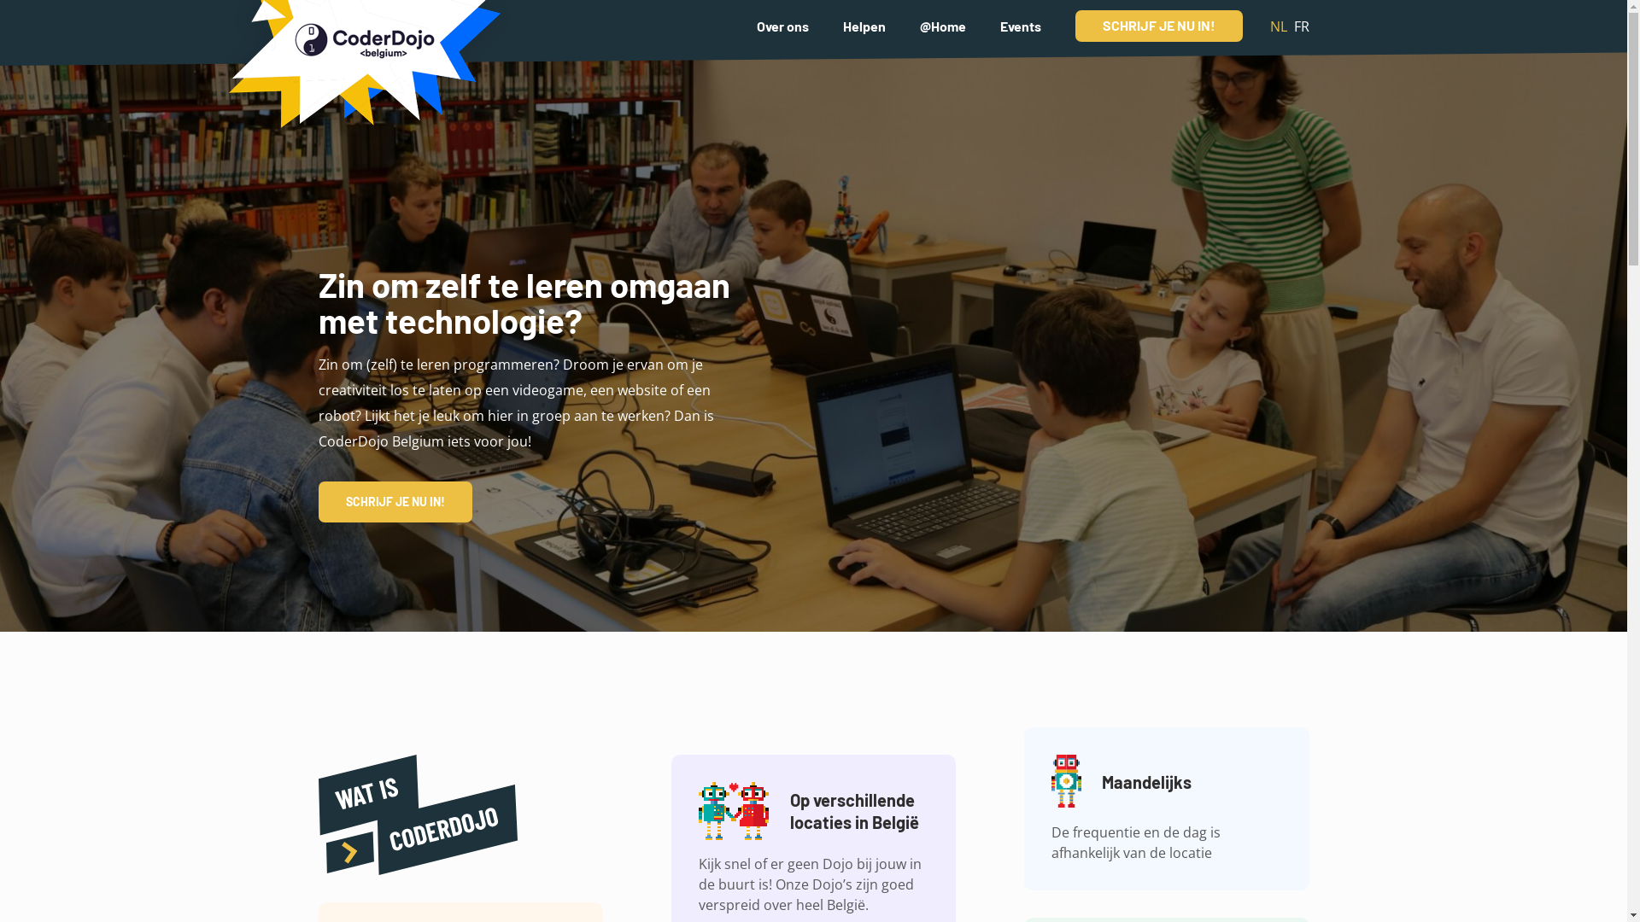 Image resolution: width=1640 pixels, height=922 pixels. Describe the element at coordinates (1299, 26) in the screenshot. I see `'FR'` at that location.